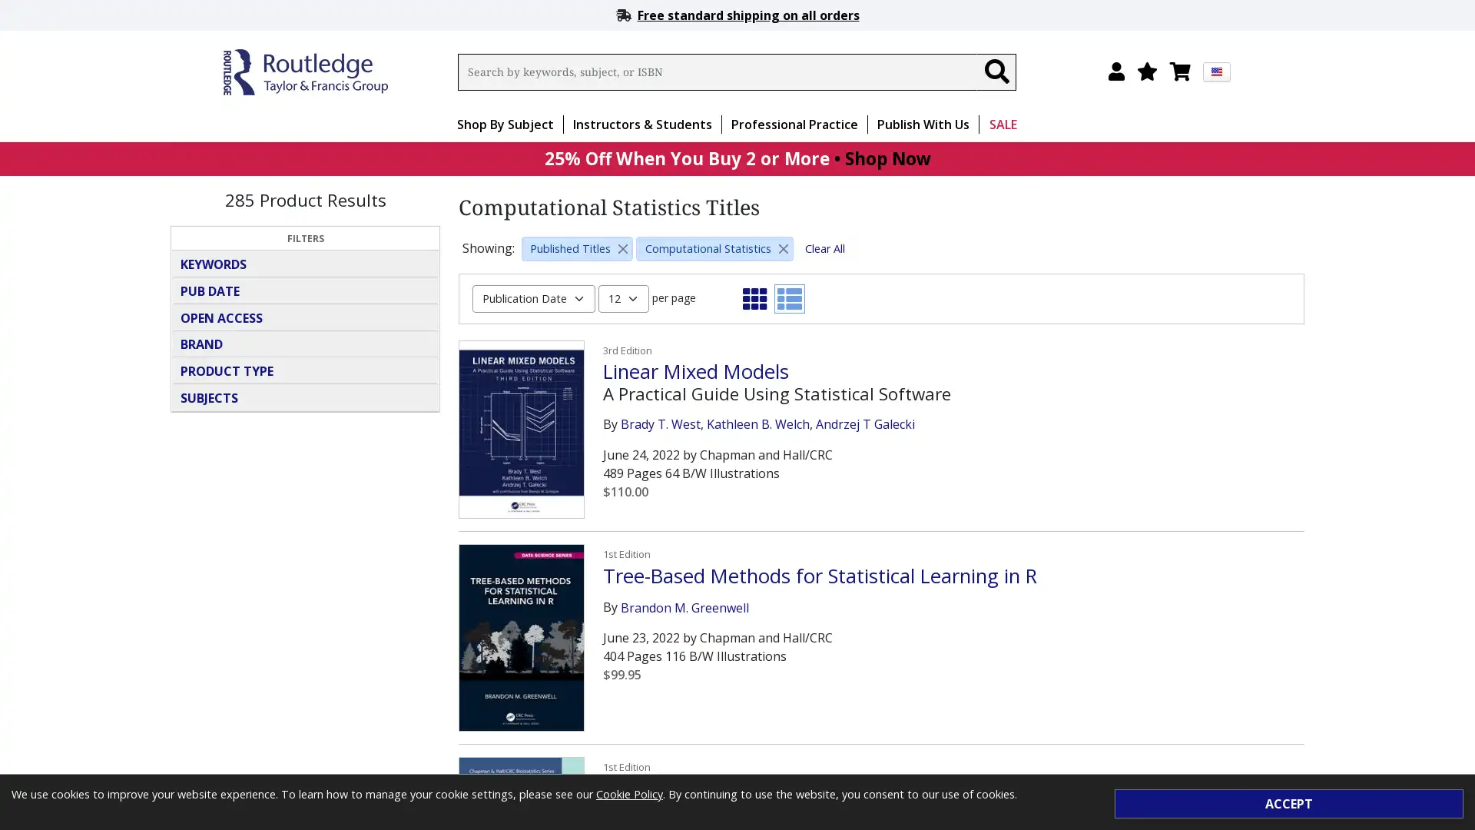  I want to click on KEYWORDS, so click(305, 263).